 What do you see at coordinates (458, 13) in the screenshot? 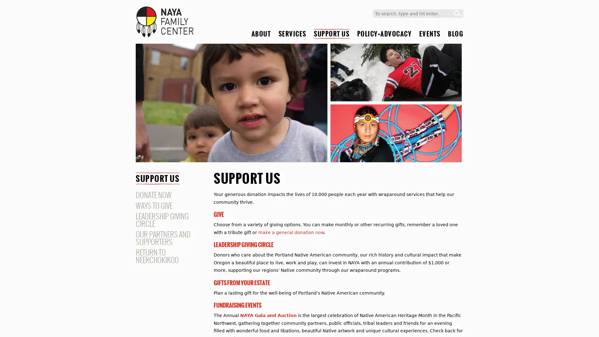
I see `Search` at bounding box center [458, 13].